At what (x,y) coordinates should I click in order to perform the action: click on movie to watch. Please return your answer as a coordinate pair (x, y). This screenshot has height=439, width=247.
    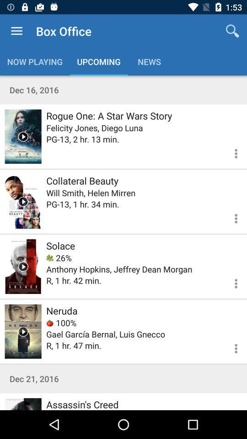
    Looking at the image, I should click on (23, 201).